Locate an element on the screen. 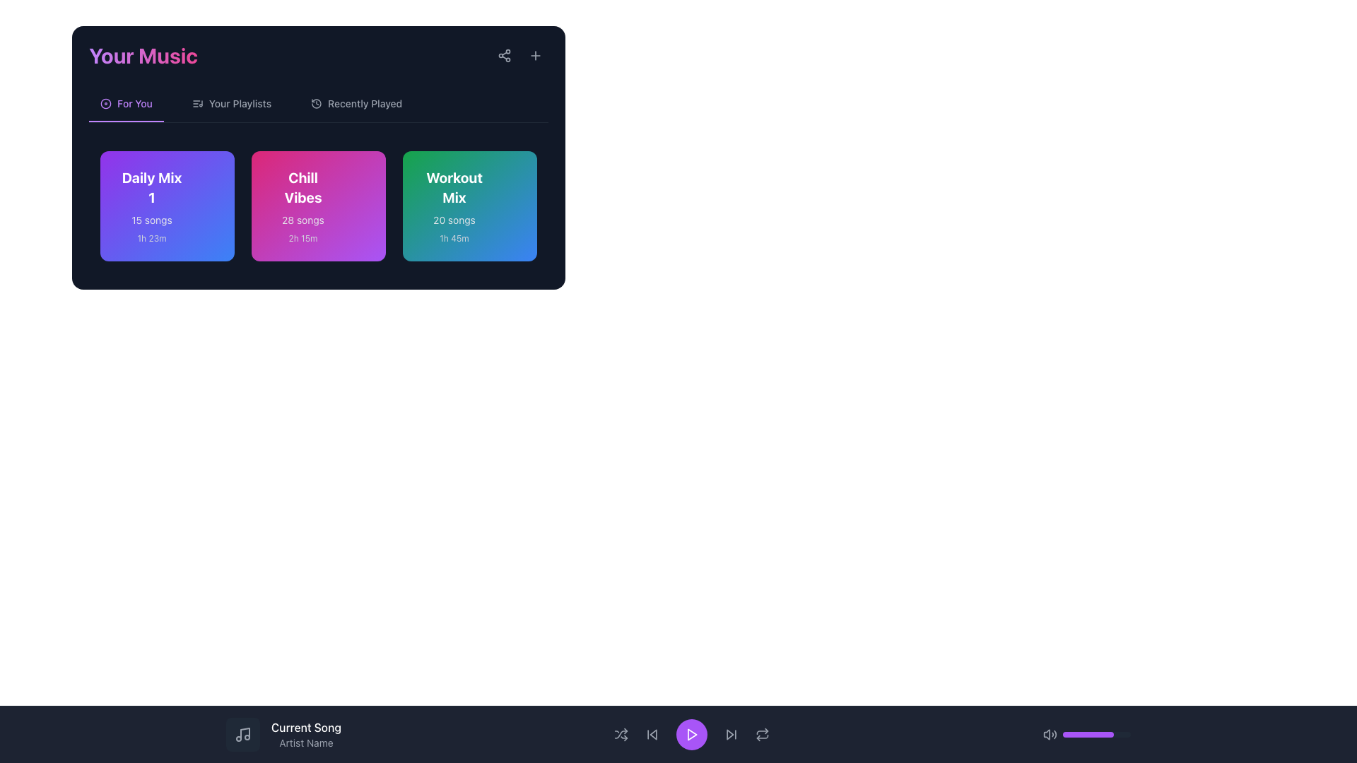  the completed portion of the progress bar segment, which visually indicates progress in a task or playback is located at coordinates (1088, 734).